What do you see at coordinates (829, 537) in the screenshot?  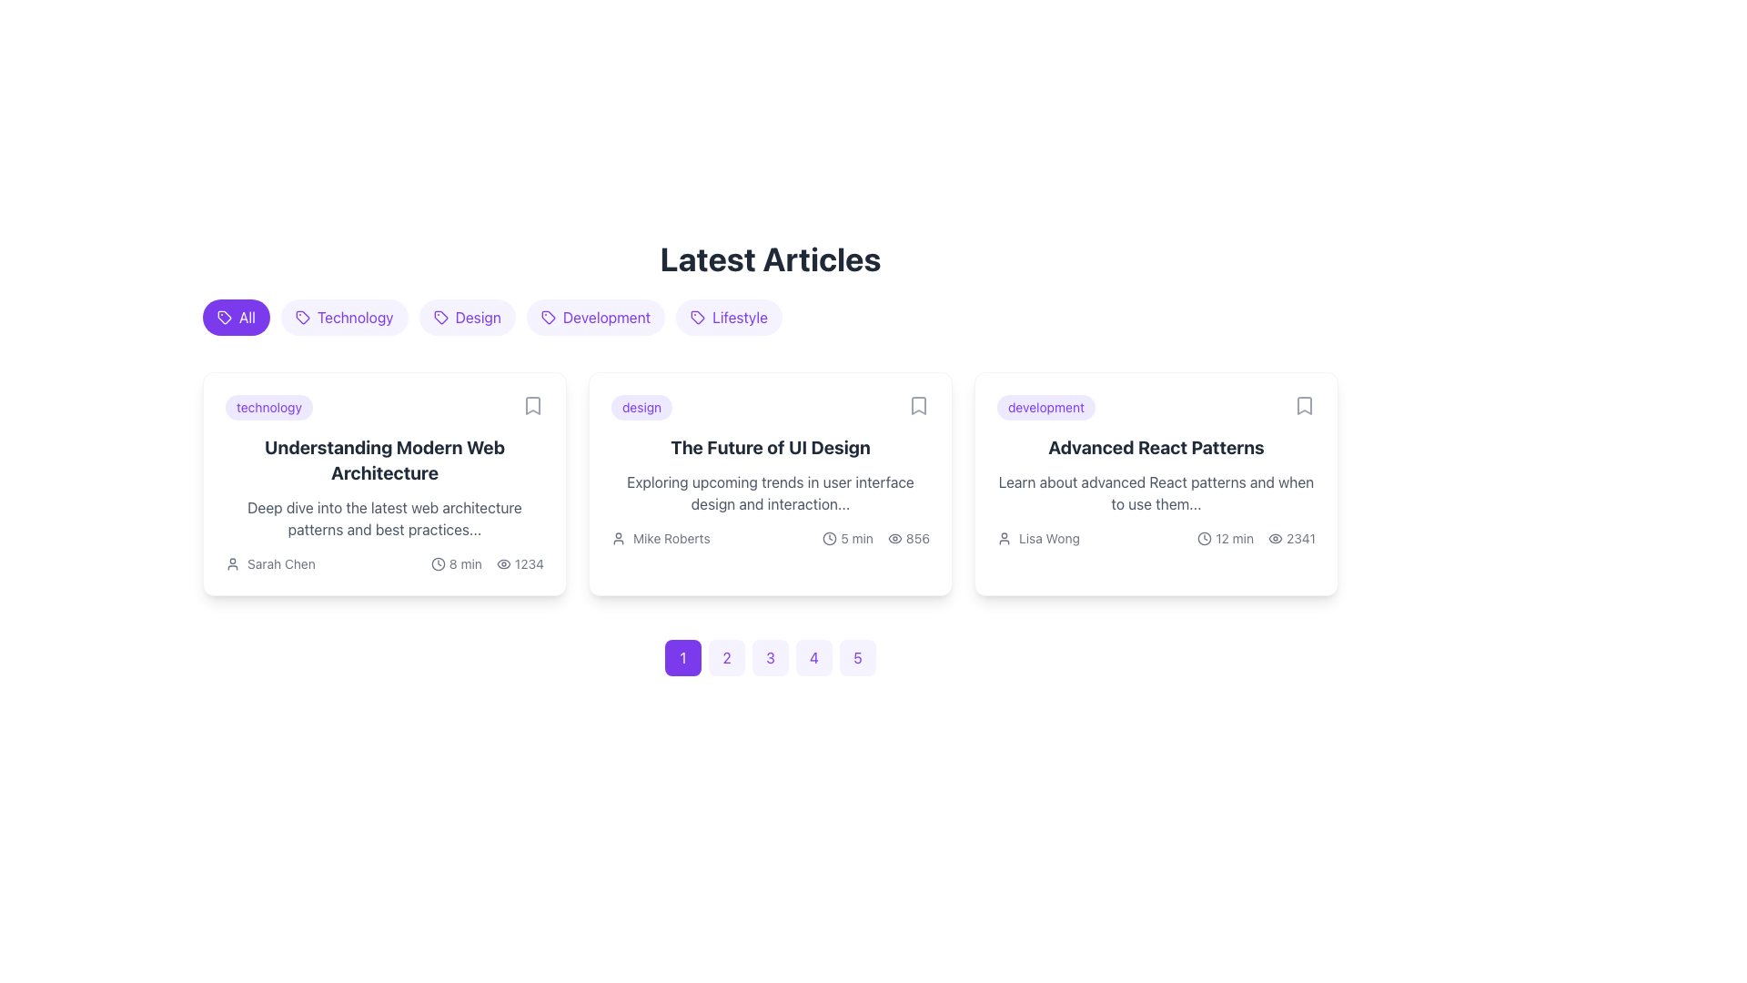 I see `the duration reading icon located to the left of the text '5 min' within the card titled 'The Future of UI Design' to potentially trigger an event` at bounding box center [829, 537].